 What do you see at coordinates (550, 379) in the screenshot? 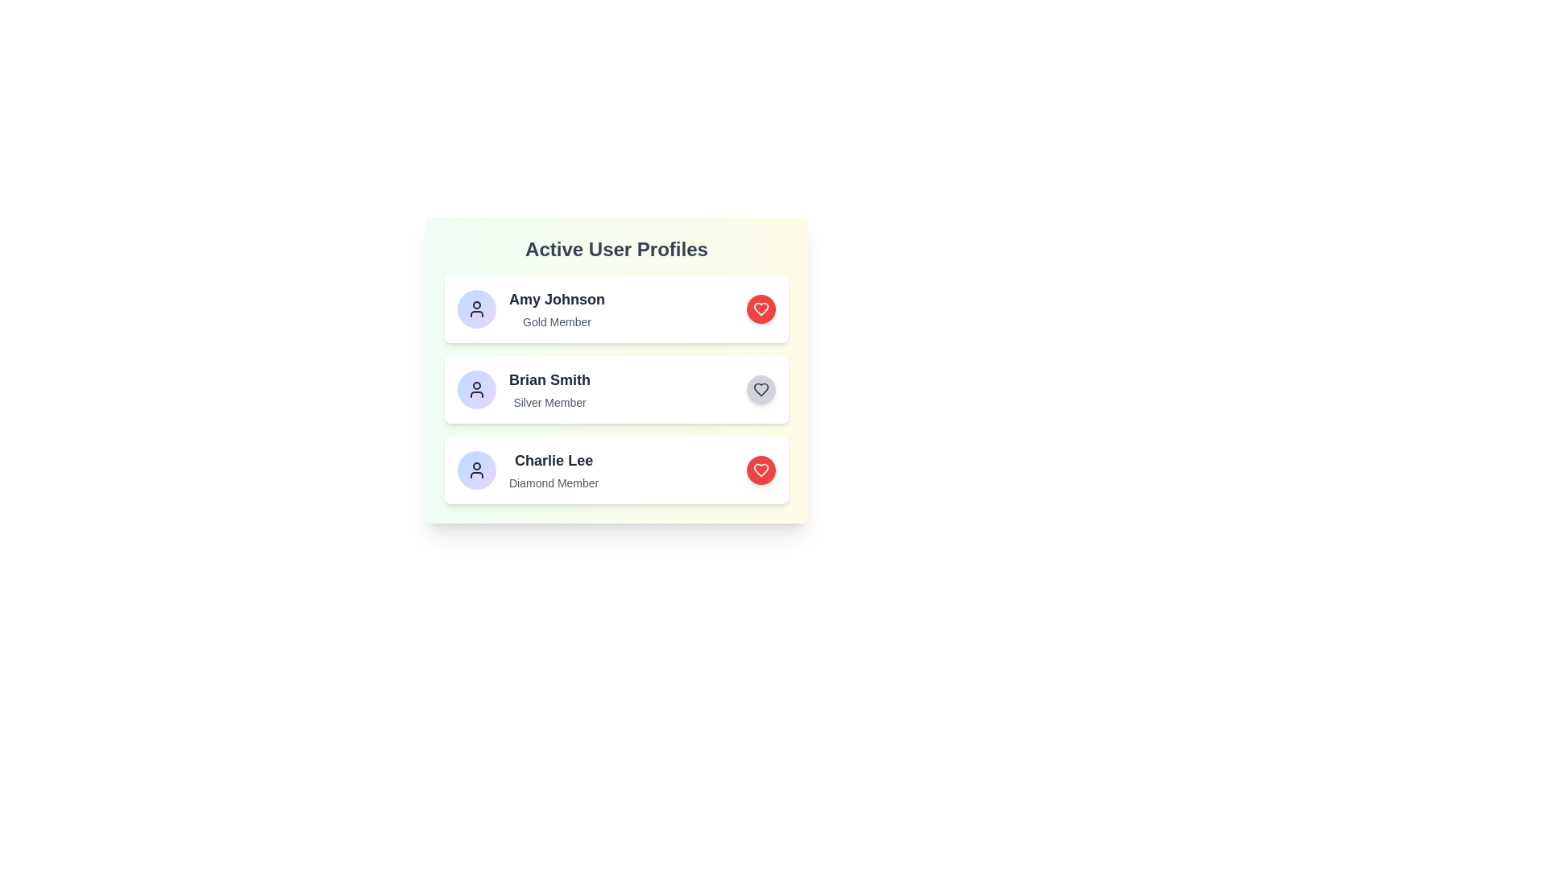
I see `the Static Text Label displaying 'Brian Smith', which is prominently styled in dark gray and positioned above 'Silver Member' within a user profile card` at bounding box center [550, 379].